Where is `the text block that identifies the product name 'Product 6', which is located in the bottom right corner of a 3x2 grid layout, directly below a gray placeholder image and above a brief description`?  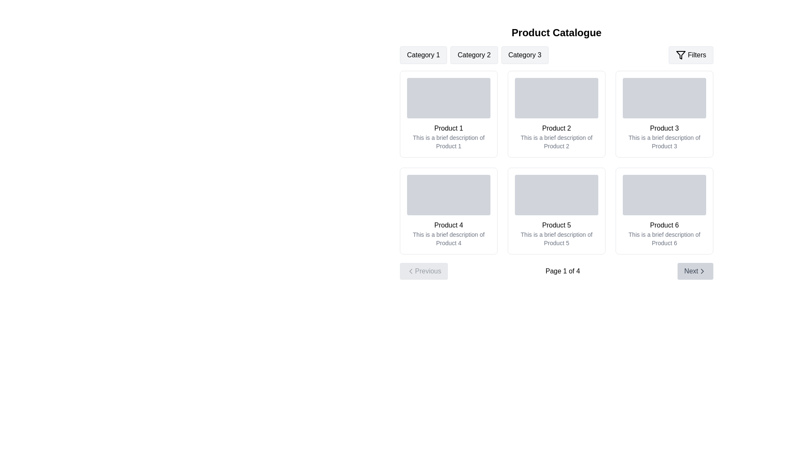 the text block that identifies the product name 'Product 6', which is located in the bottom right corner of a 3x2 grid layout, directly below a gray placeholder image and above a brief description is located at coordinates (664, 225).